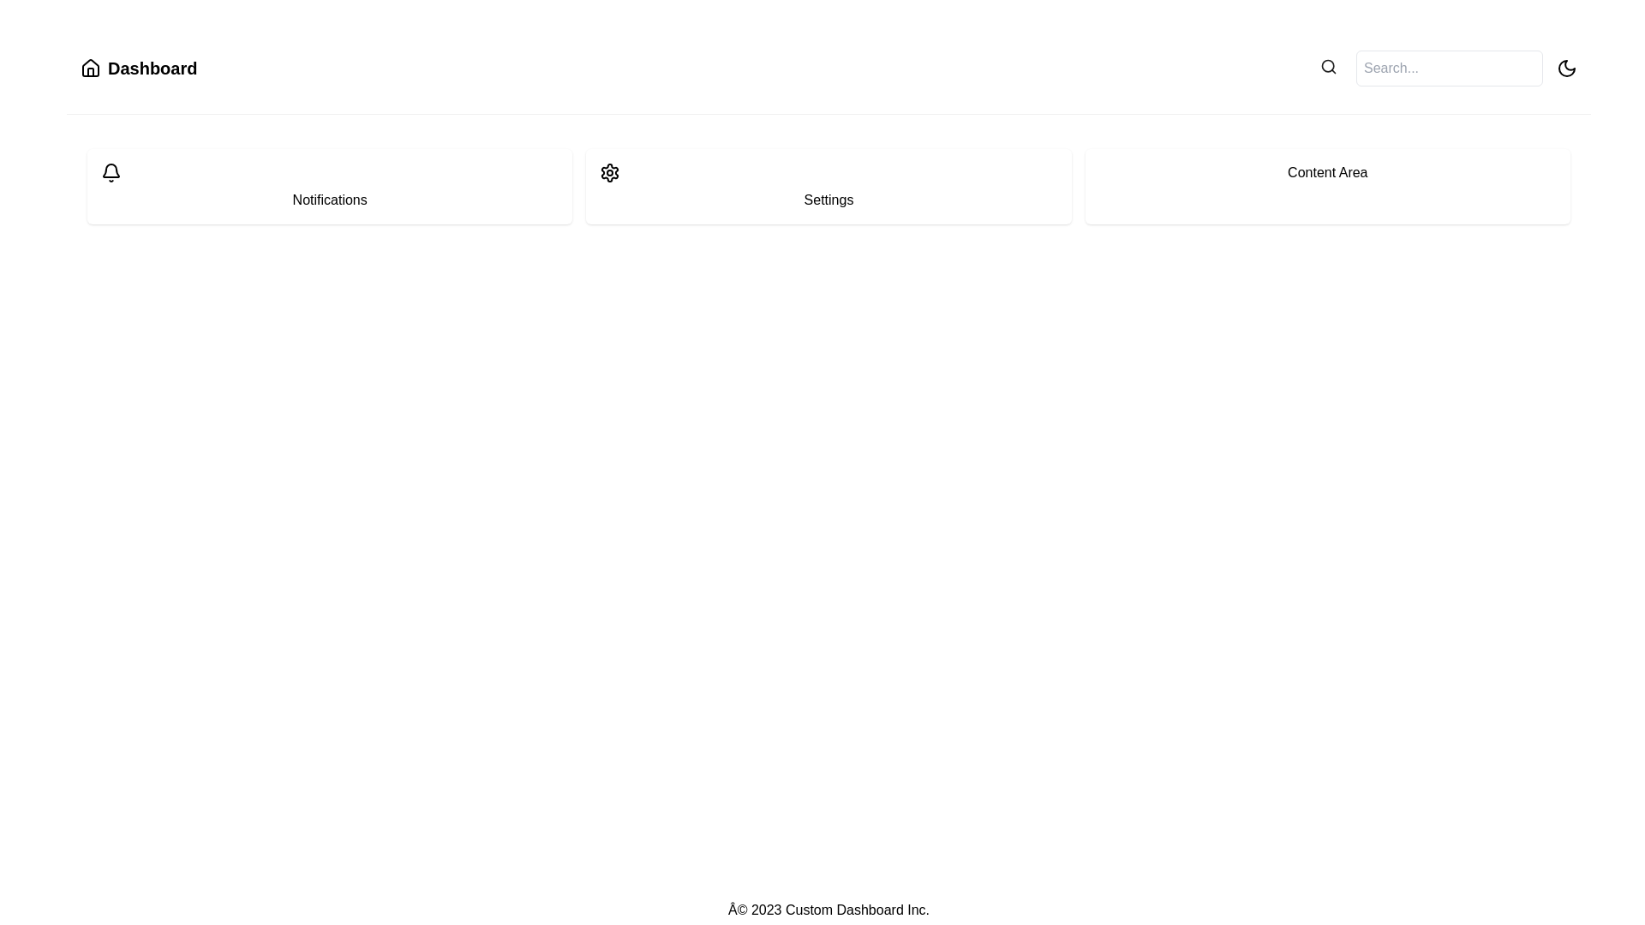 The image size is (1645, 925). I want to click on the moon icon located in the top-right corner of the interface, so click(1566, 68).